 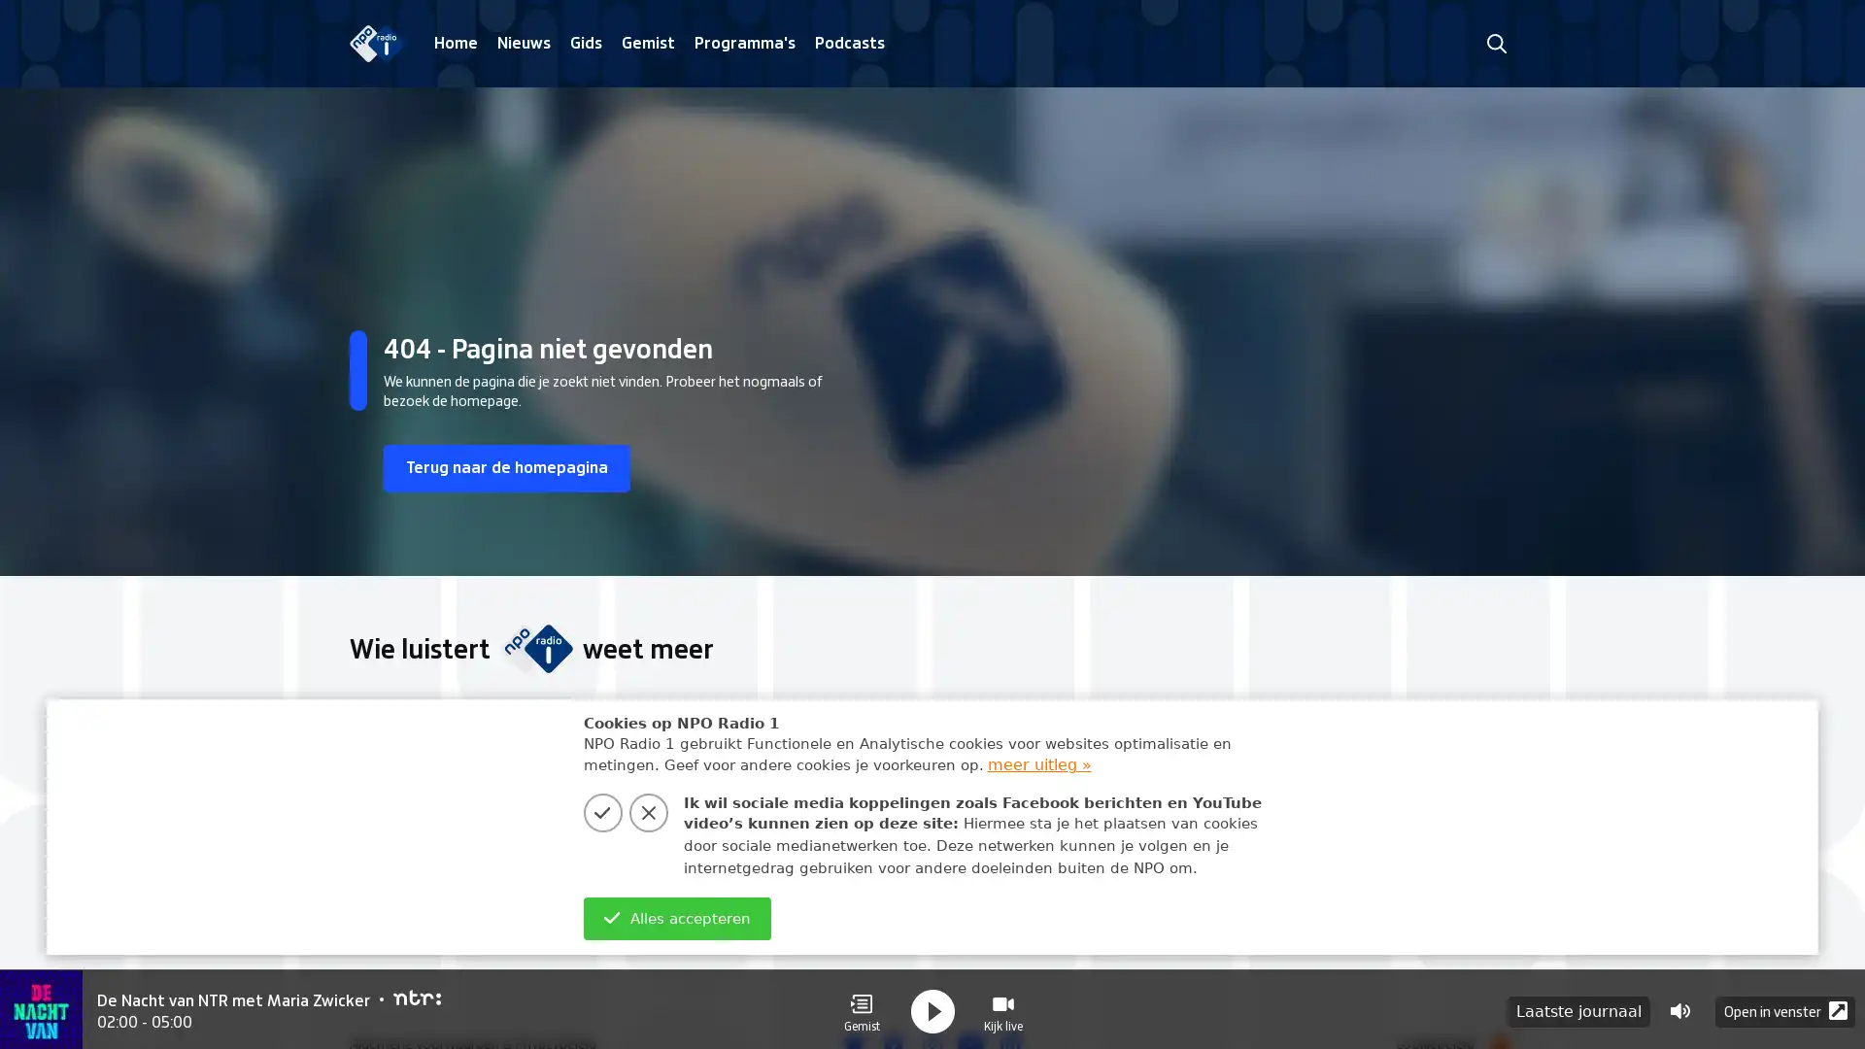 I want to click on Gemist Gemist, so click(x=861, y=1006).